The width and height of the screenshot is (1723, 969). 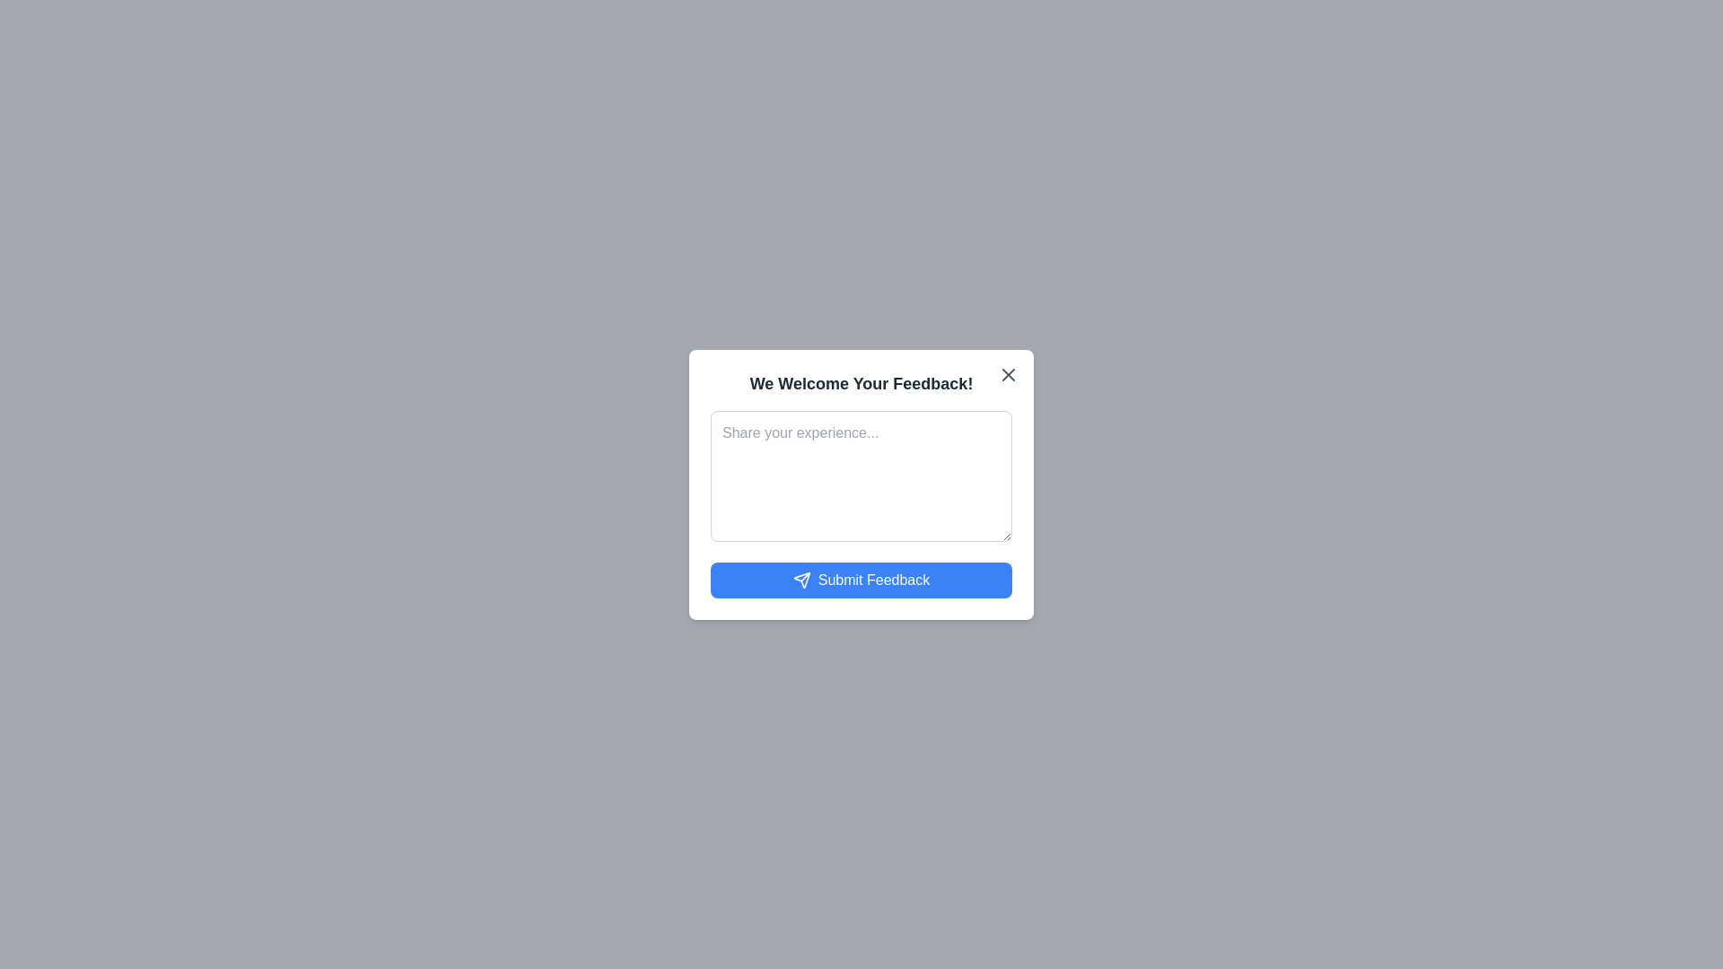 What do you see at coordinates (1008, 373) in the screenshot?
I see `the close button in the top-right corner of the dialog` at bounding box center [1008, 373].